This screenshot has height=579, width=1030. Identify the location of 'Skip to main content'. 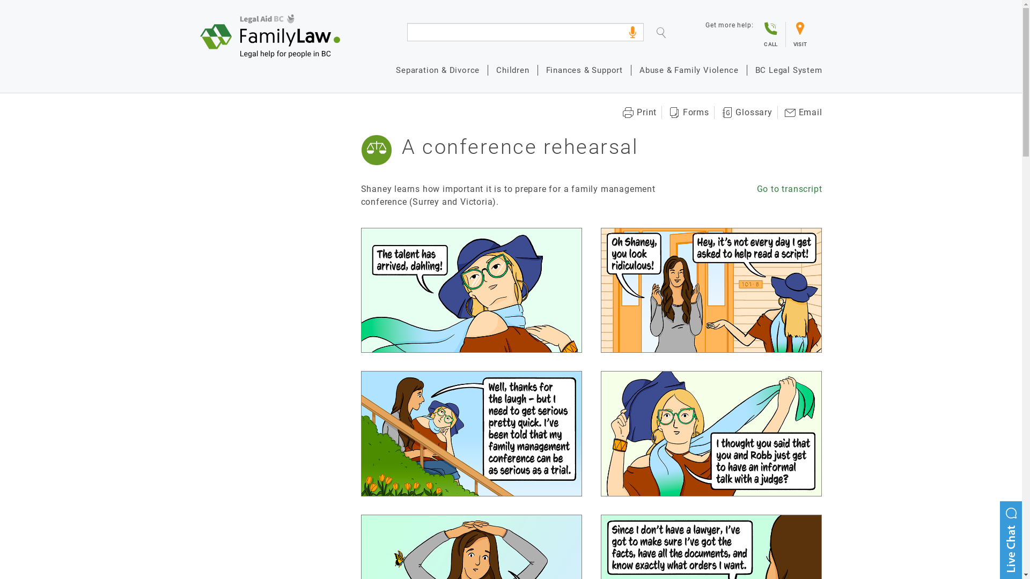
(0, 0).